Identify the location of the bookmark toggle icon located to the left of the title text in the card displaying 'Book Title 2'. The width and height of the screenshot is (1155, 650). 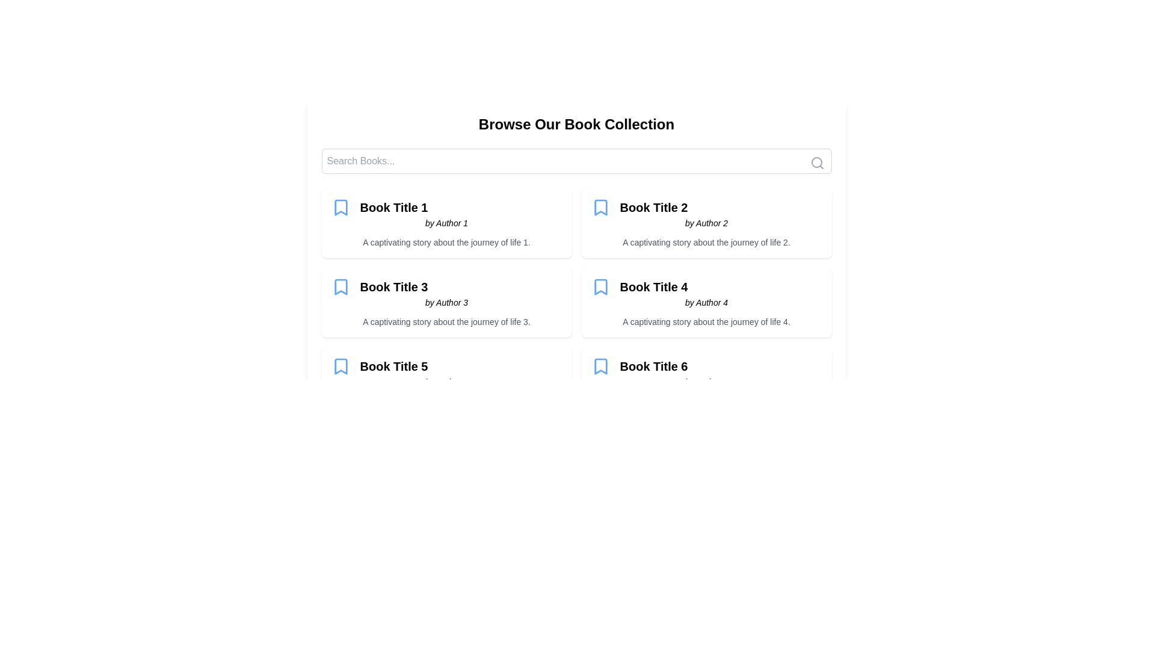
(600, 206).